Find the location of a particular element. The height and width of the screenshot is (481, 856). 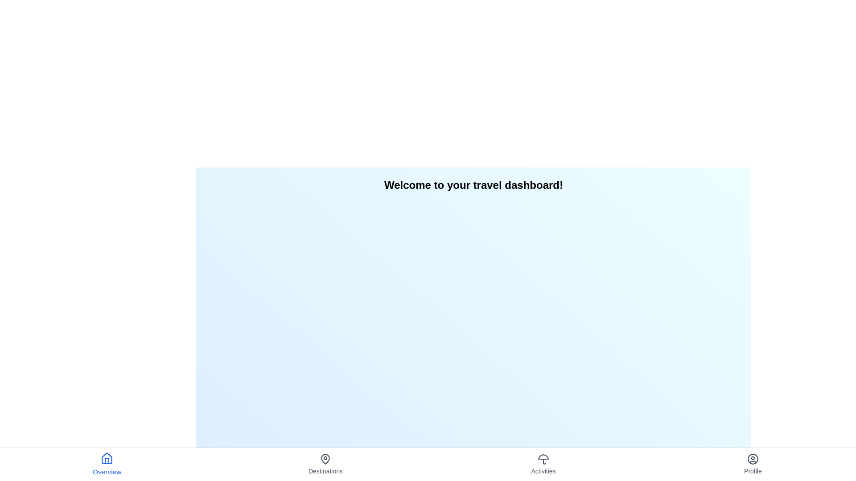

the text label displaying 'Overview', which is styled in bold blue font and located below the house-shaped icon in the navigation menu at the bottom left of the interface is located at coordinates (107, 471).